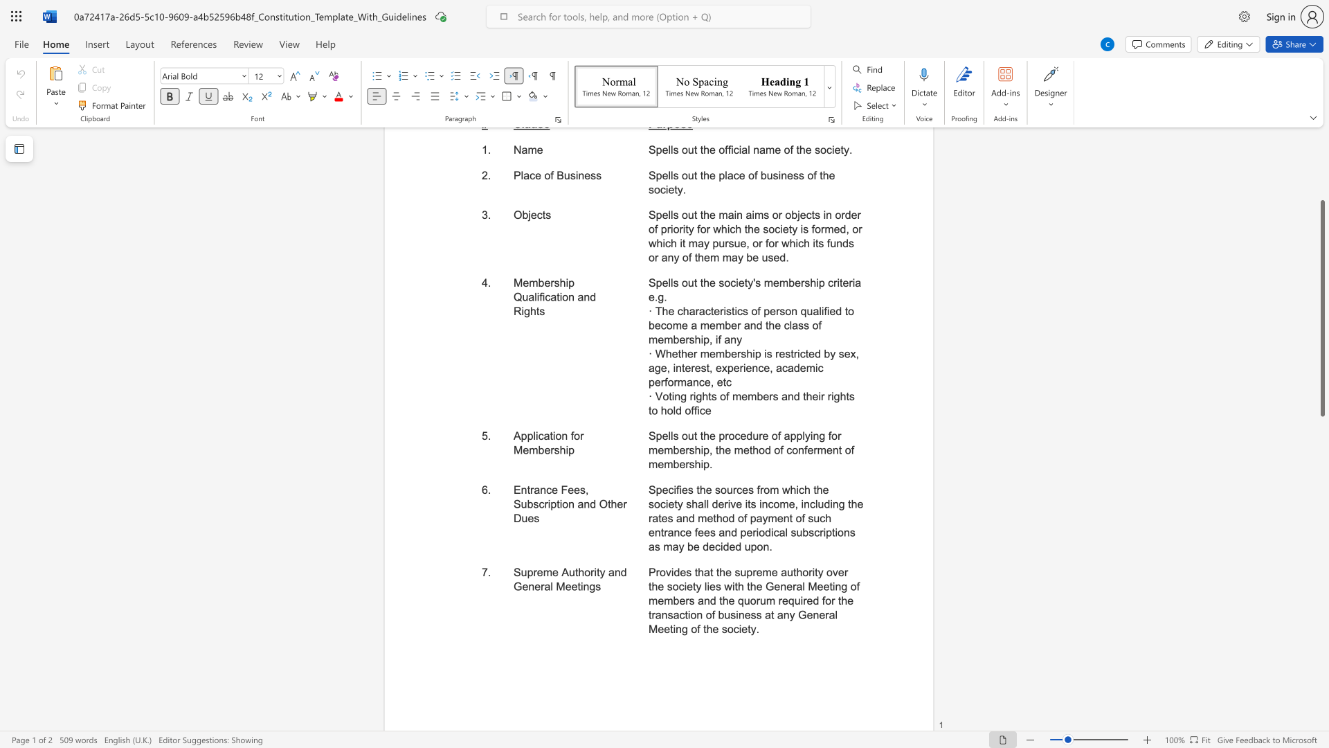  I want to click on the scrollbar and move down 90 pixels, so click(1321, 308).